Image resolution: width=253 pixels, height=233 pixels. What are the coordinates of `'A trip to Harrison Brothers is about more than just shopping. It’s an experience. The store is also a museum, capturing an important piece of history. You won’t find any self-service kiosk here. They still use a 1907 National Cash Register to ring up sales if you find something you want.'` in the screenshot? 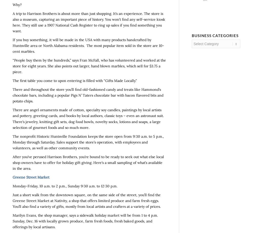 It's located at (89, 22).